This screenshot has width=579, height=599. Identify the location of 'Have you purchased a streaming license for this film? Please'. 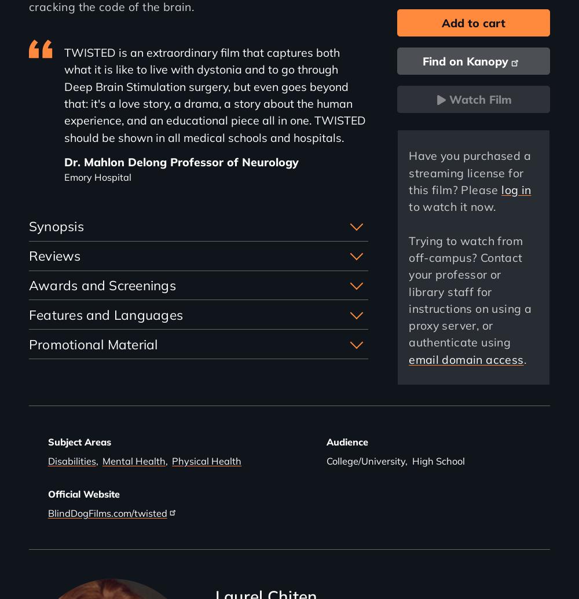
(470, 171).